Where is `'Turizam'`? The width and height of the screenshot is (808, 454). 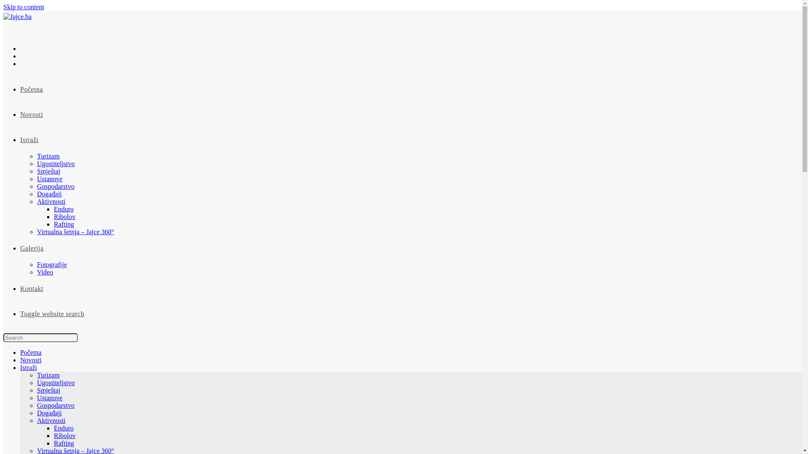 'Turizam' is located at coordinates (48, 375).